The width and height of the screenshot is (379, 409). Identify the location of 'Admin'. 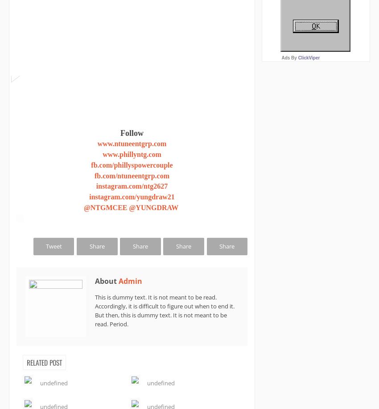
(130, 281).